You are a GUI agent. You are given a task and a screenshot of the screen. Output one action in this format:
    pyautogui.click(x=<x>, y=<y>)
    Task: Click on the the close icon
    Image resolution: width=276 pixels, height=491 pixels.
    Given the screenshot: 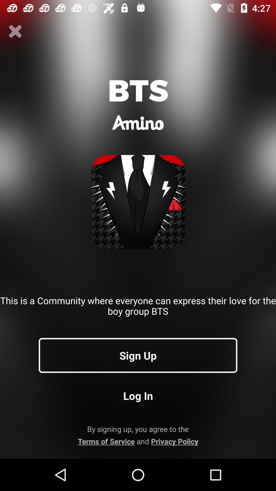 What is the action you would take?
    pyautogui.click(x=15, y=31)
    